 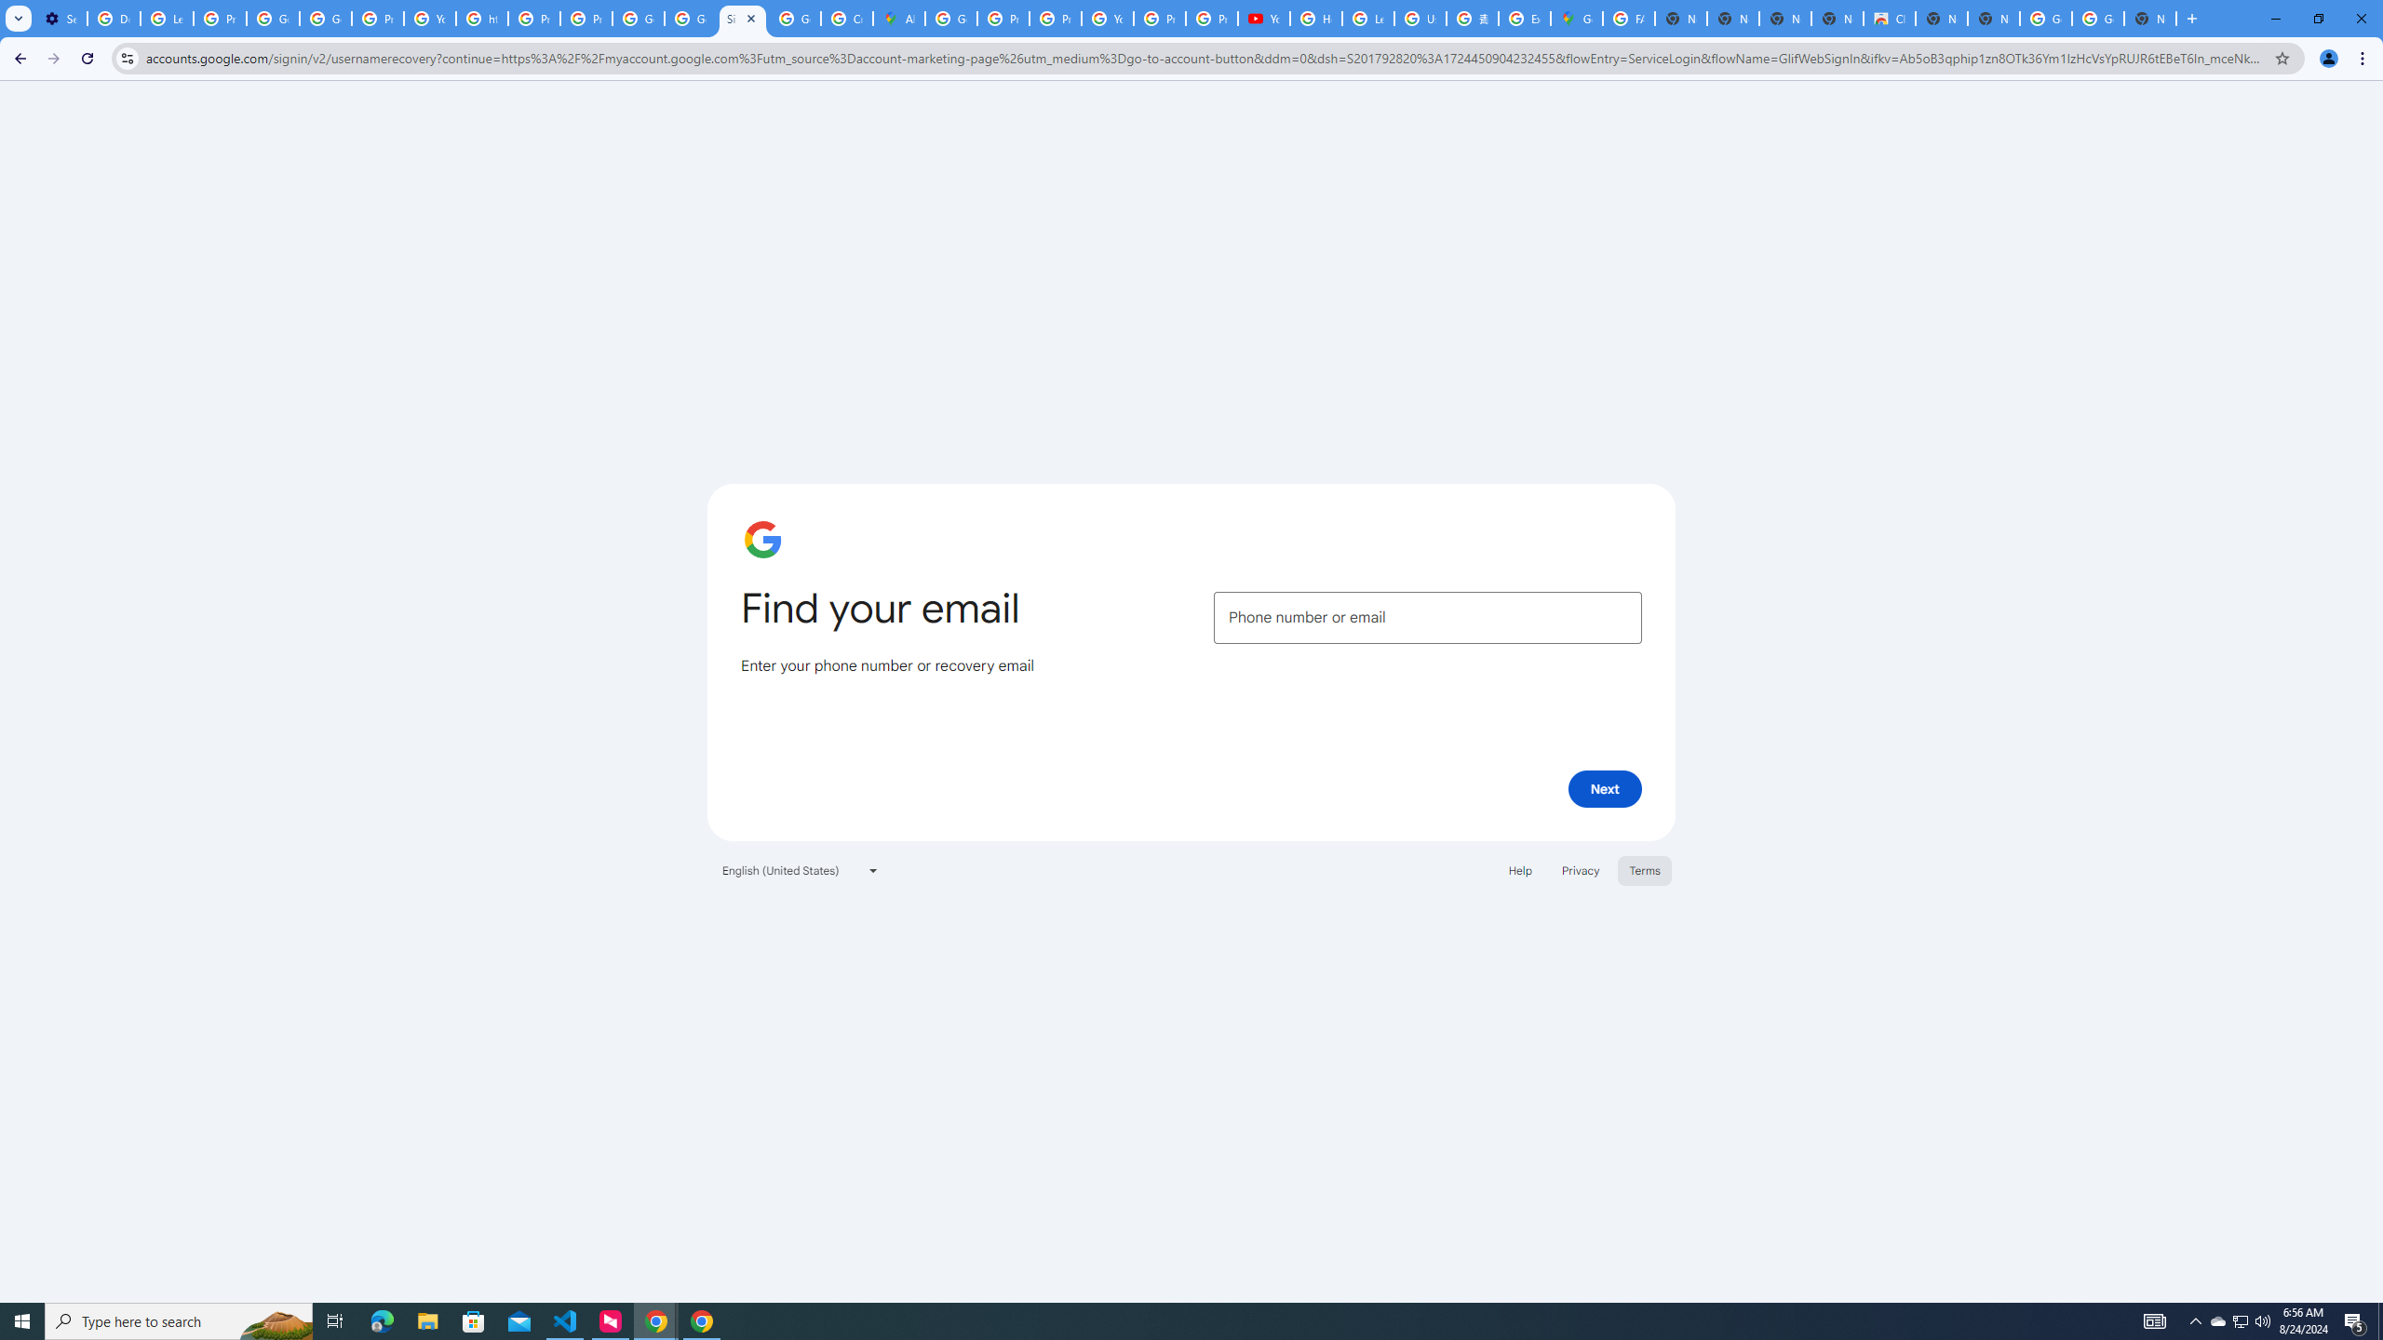 What do you see at coordinates (2150, 18) in the screenshot?
I see `'New Tab'` at bounding box center [2150, 18].